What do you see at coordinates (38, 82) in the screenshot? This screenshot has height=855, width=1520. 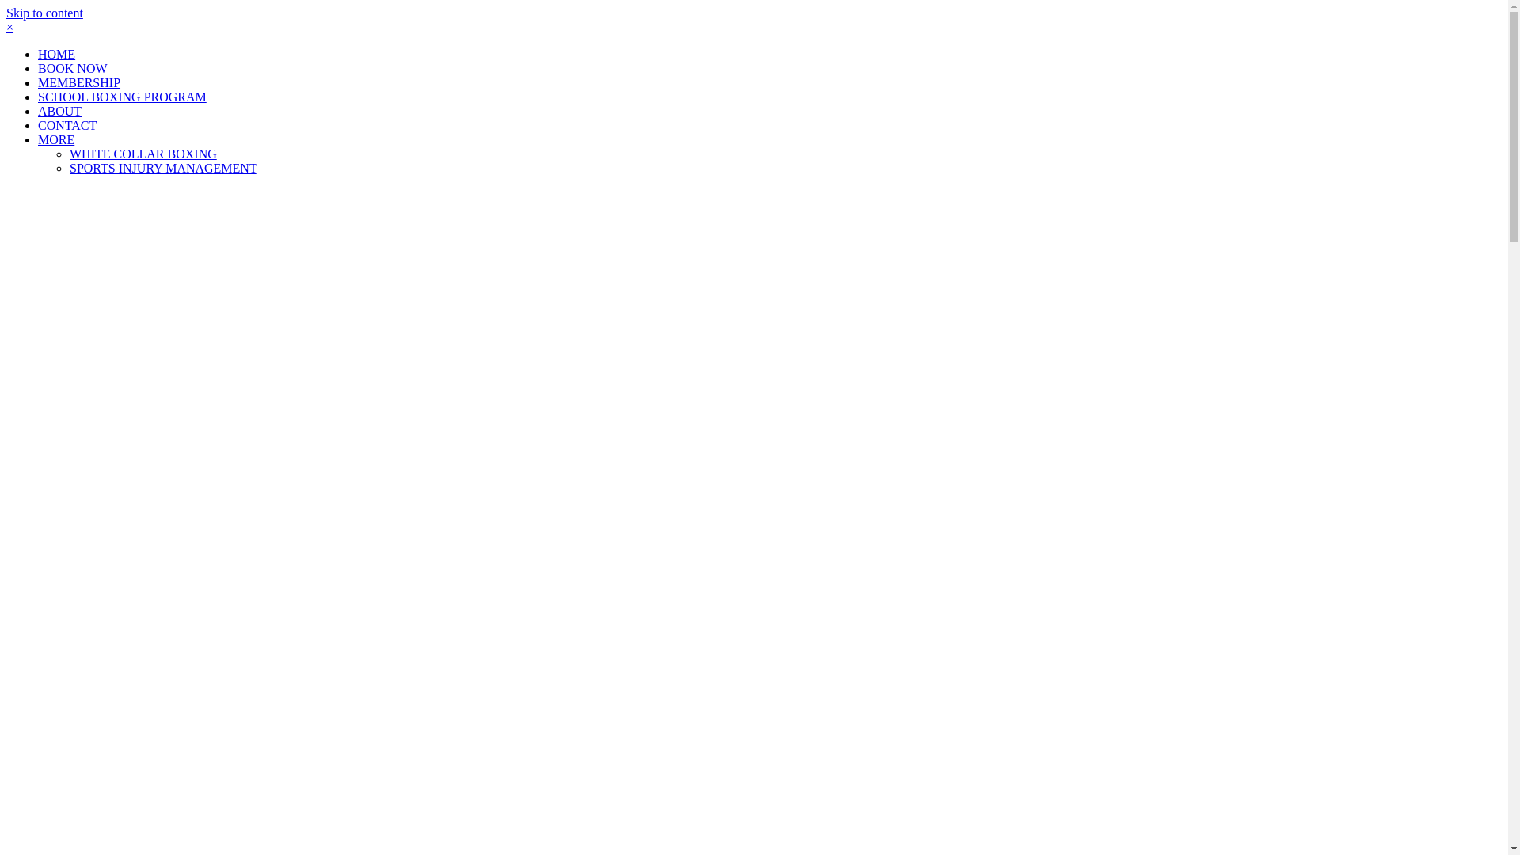 I see `'MEMBERSHIP'` at bounding box center [38, 82].